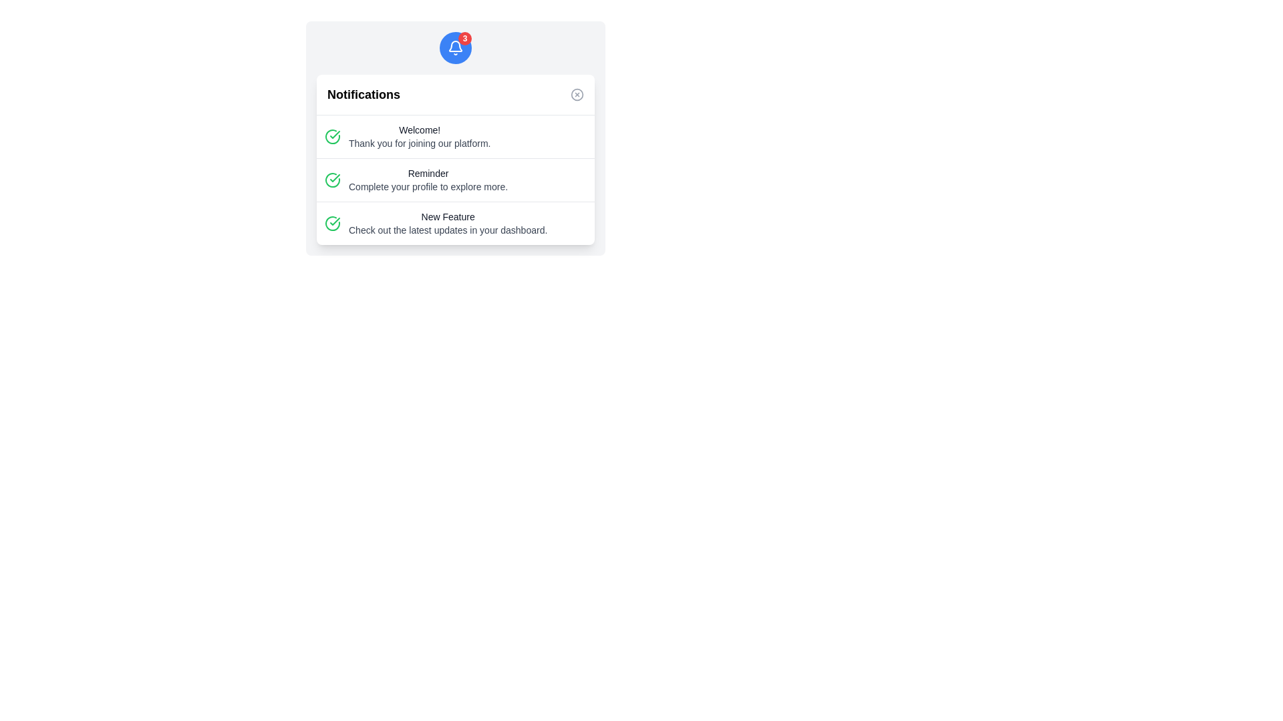 Image resolution: width=1283 pixels, height=721 pixels. What do you see at coordinates (455, 179) in the screenshot?
I see `text content of the Notification Entry positioned below the 'Welcome!' notification and above the 'New Feature' notification` at bounding box center [455, 179].